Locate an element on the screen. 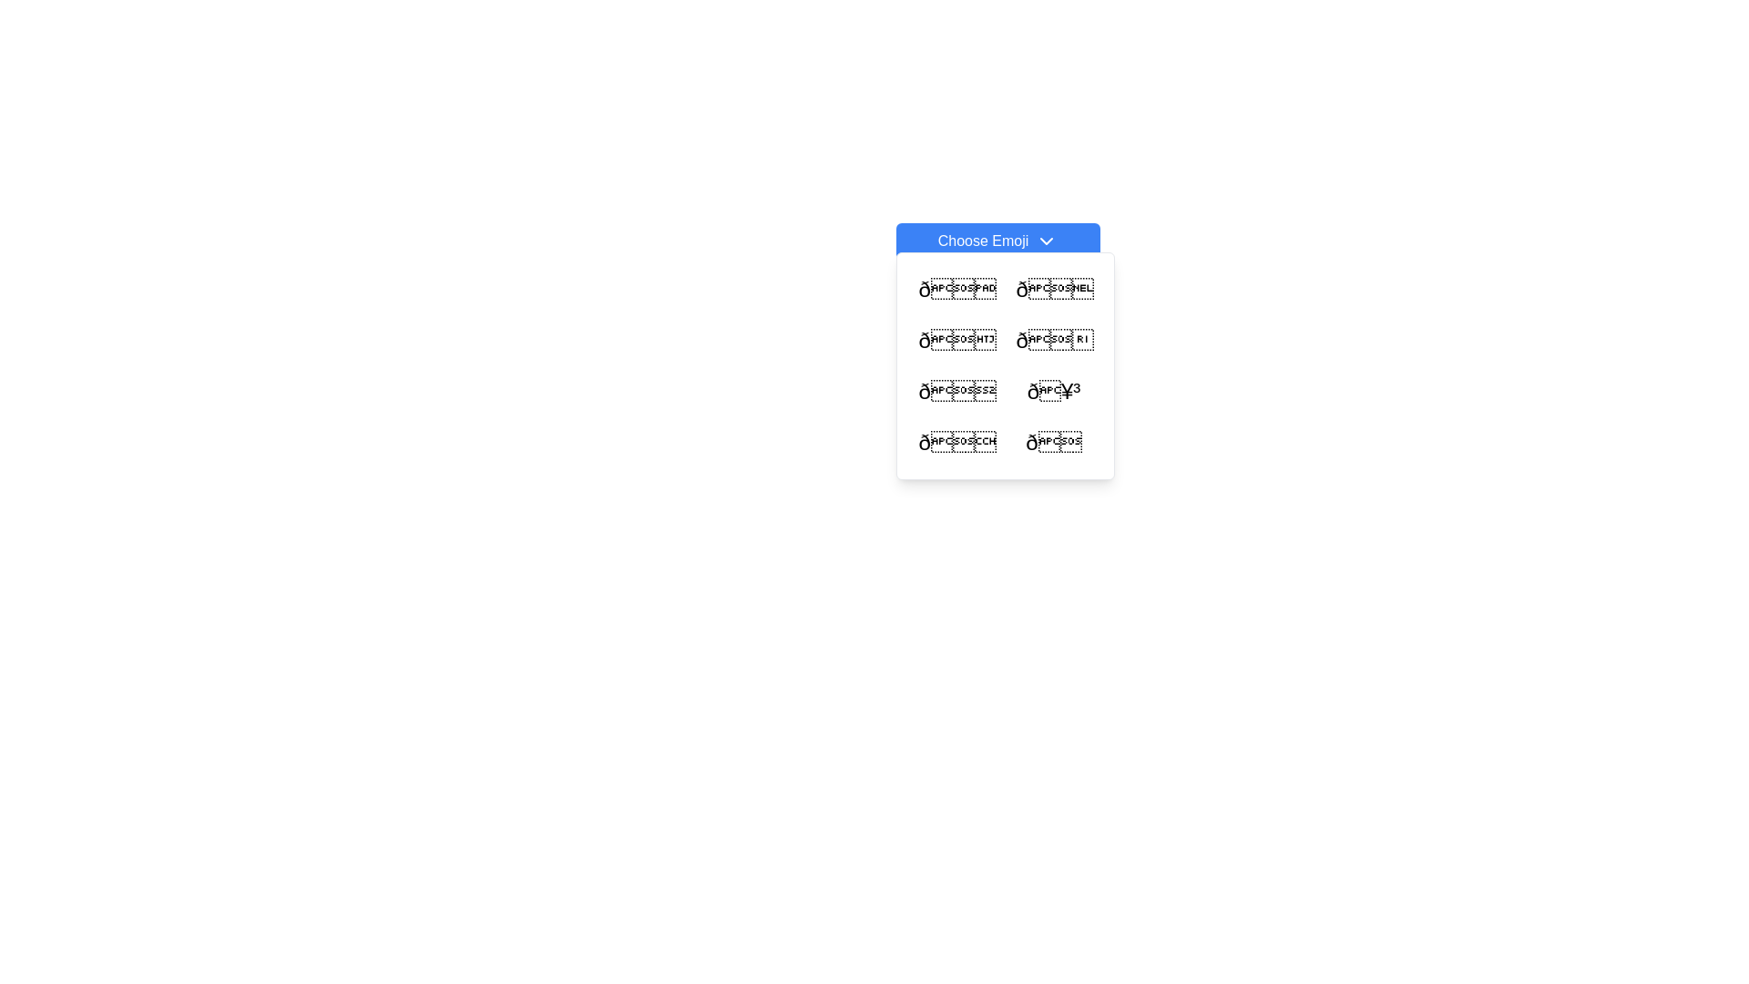 This screenshot has height=984, width=1749. the clickable emoji option, which is a single emoji in a large font with a rounded background, located in the second row and second column of the emoji grid in the dropdown menu is located at coordinates (1053, 390).